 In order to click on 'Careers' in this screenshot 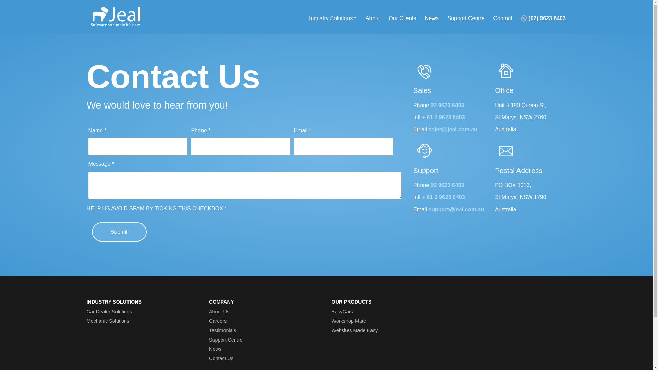, I will do `click(208, 321)`.